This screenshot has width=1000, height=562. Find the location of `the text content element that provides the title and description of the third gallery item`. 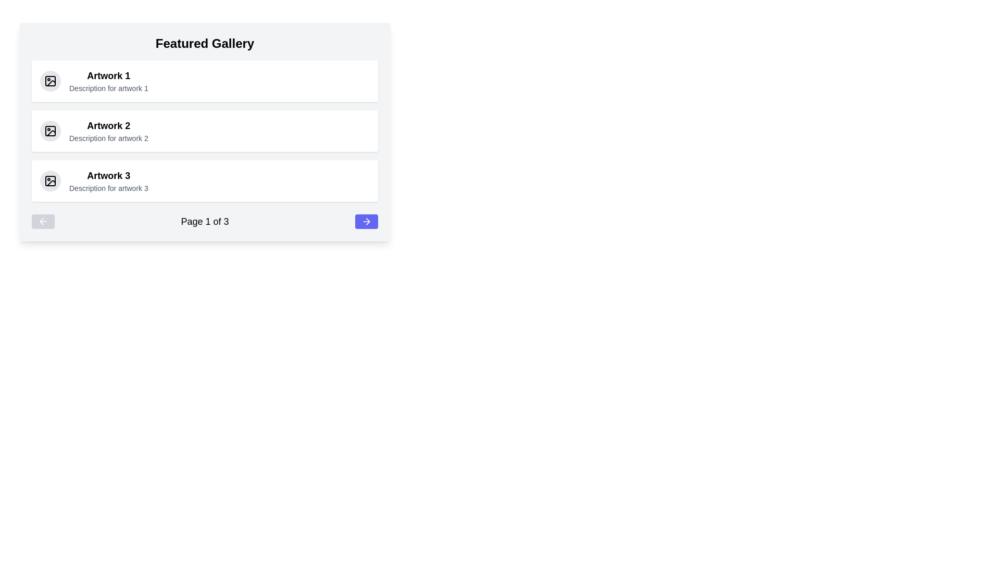

the text content element that provides the title and description of the third gallery item is located at coordinates (108, 180).